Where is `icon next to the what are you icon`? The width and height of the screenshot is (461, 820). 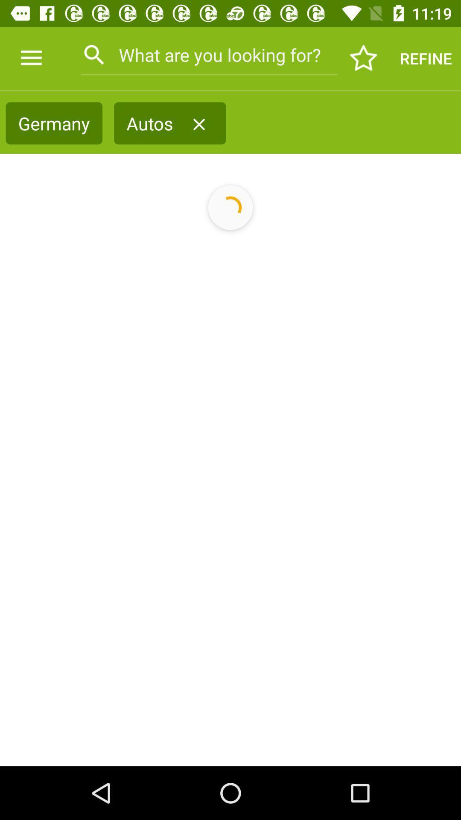
icon next to the what are you icon is located at coordinates (31, 58).